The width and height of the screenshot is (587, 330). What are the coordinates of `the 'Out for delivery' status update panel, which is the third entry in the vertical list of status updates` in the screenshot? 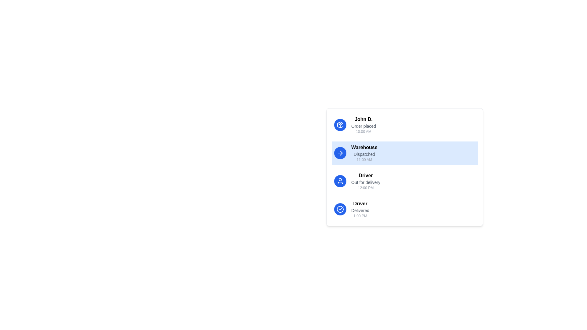 It's located at (405, 181).